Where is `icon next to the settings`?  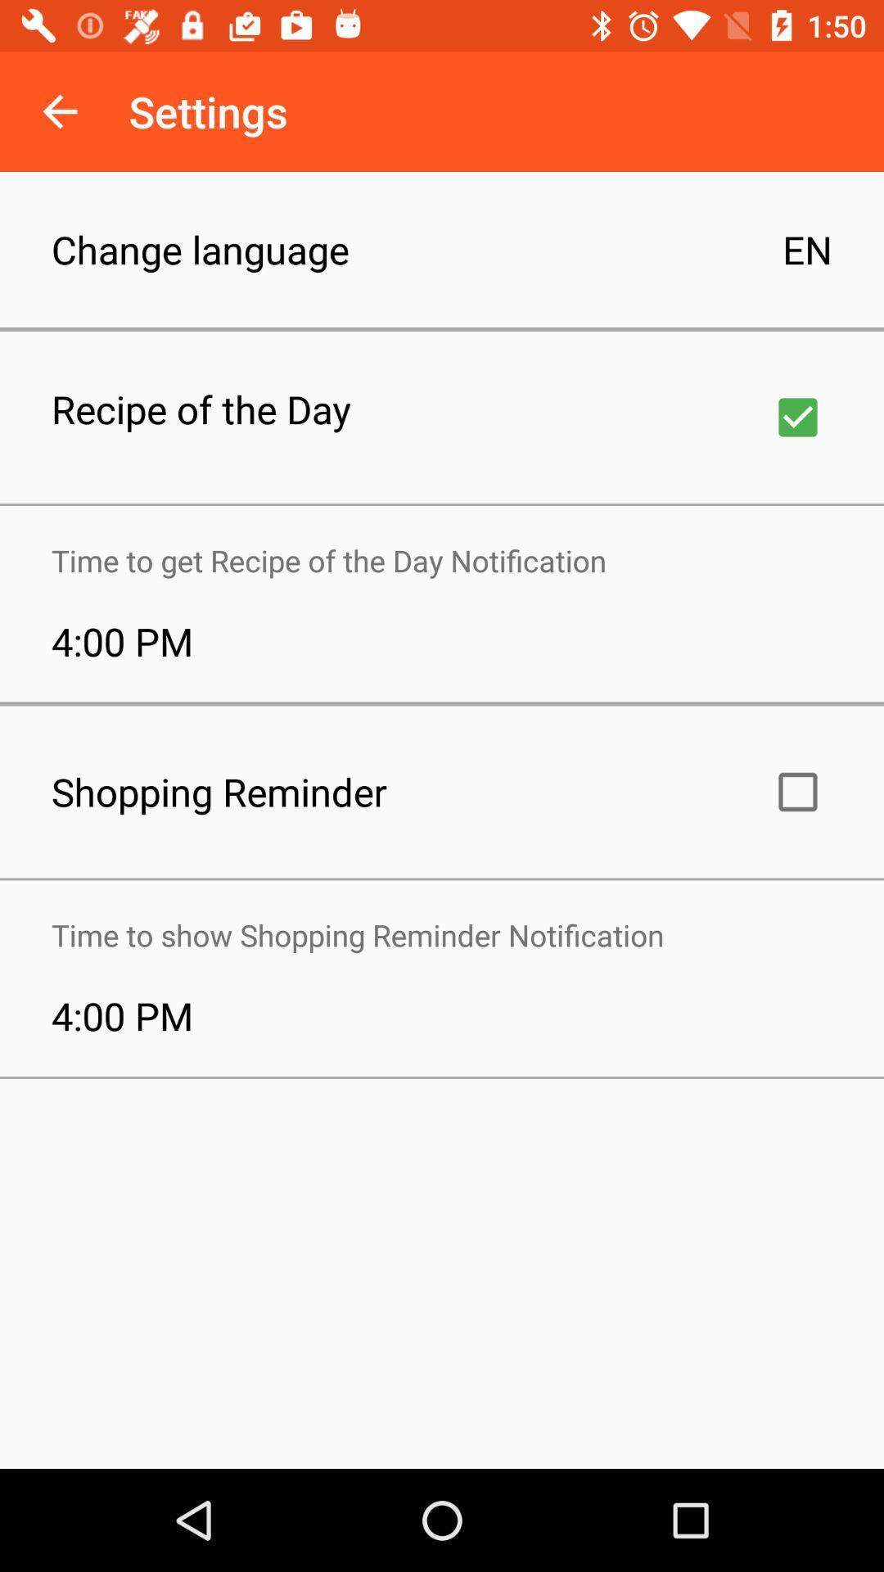 icon next to the settings is located at coordinates (59, 111).